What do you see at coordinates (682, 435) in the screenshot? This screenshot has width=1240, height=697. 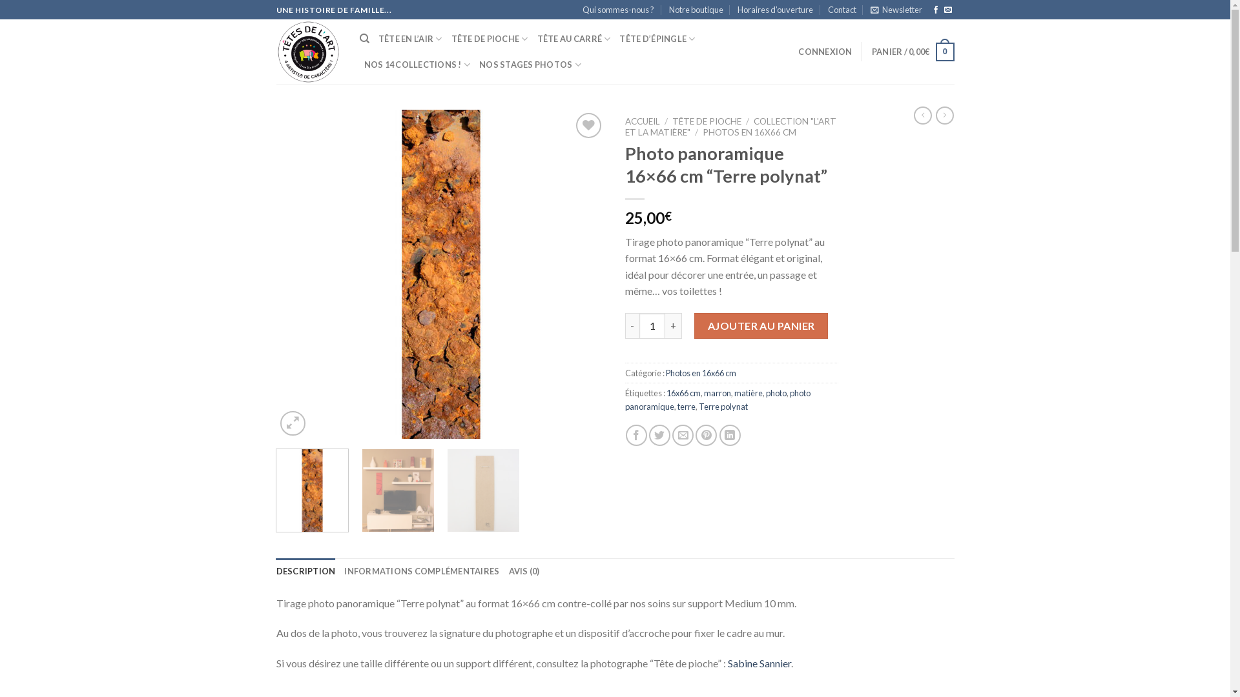 I see `'Envoyer par mail'` at bounding box center [682, 435].